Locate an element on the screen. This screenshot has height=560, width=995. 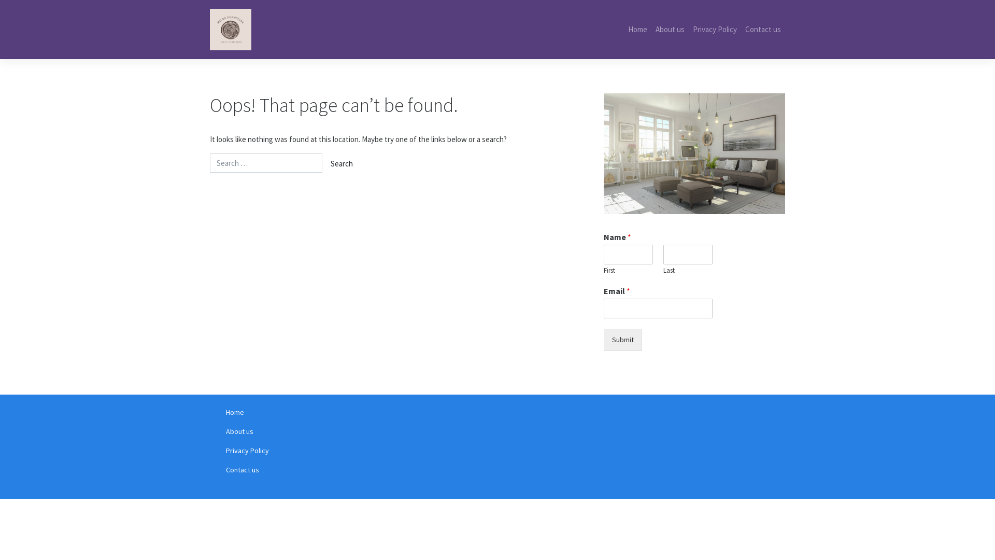
'Privacy Policy' is located at coordinates (689, 29).